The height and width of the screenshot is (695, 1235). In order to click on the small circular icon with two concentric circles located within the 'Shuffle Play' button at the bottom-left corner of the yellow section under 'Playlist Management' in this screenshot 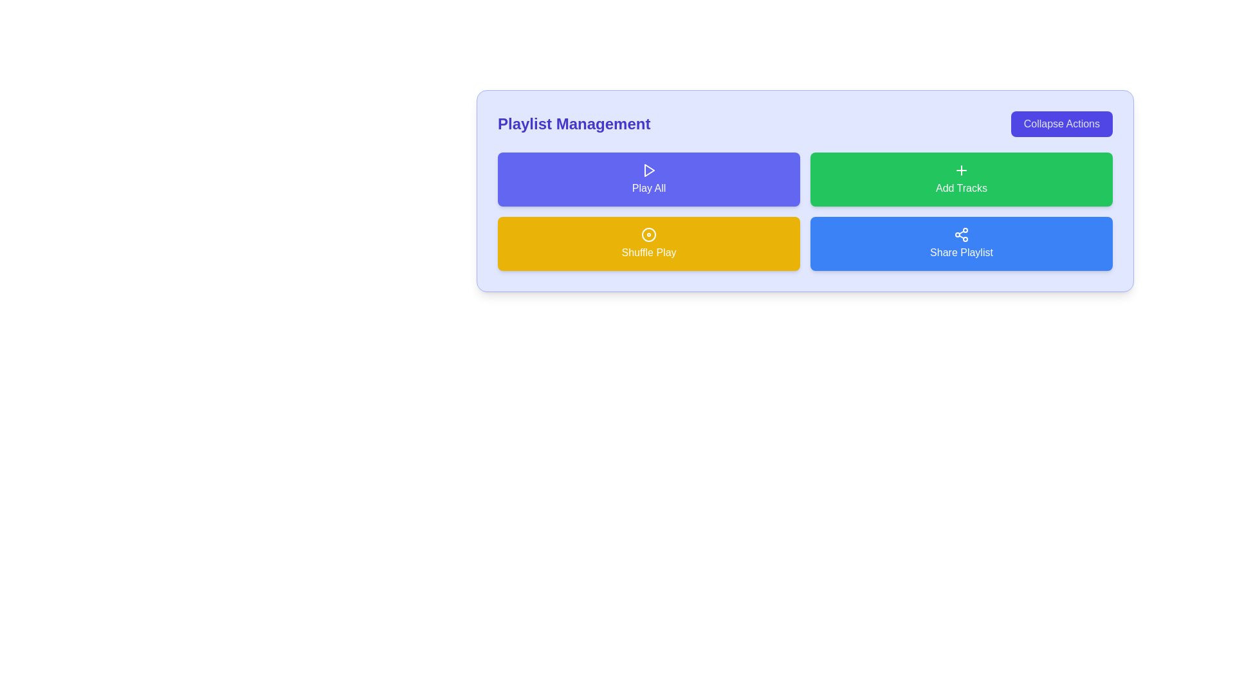, I will do `click(648, 235)`.